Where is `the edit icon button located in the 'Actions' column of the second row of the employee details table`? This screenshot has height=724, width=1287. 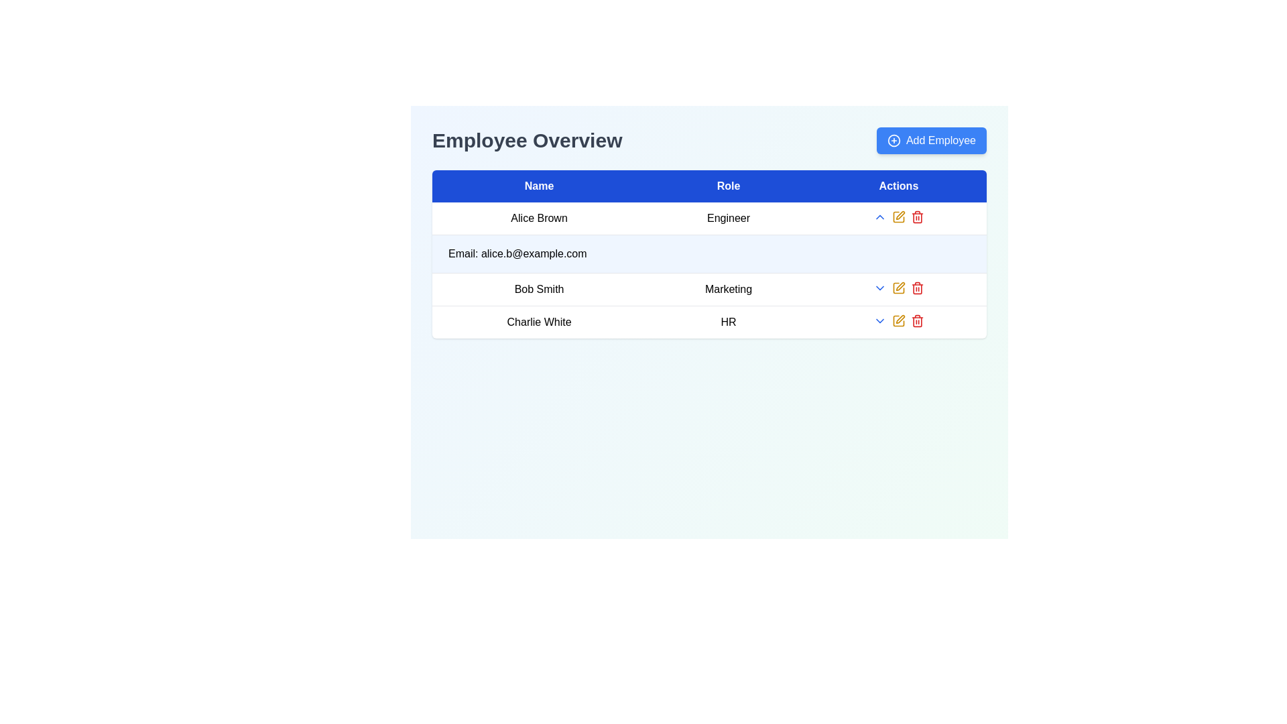
the edit icon button located in the 'Actions' column of the second row of the employee details table is located at coordinates (900, 286).